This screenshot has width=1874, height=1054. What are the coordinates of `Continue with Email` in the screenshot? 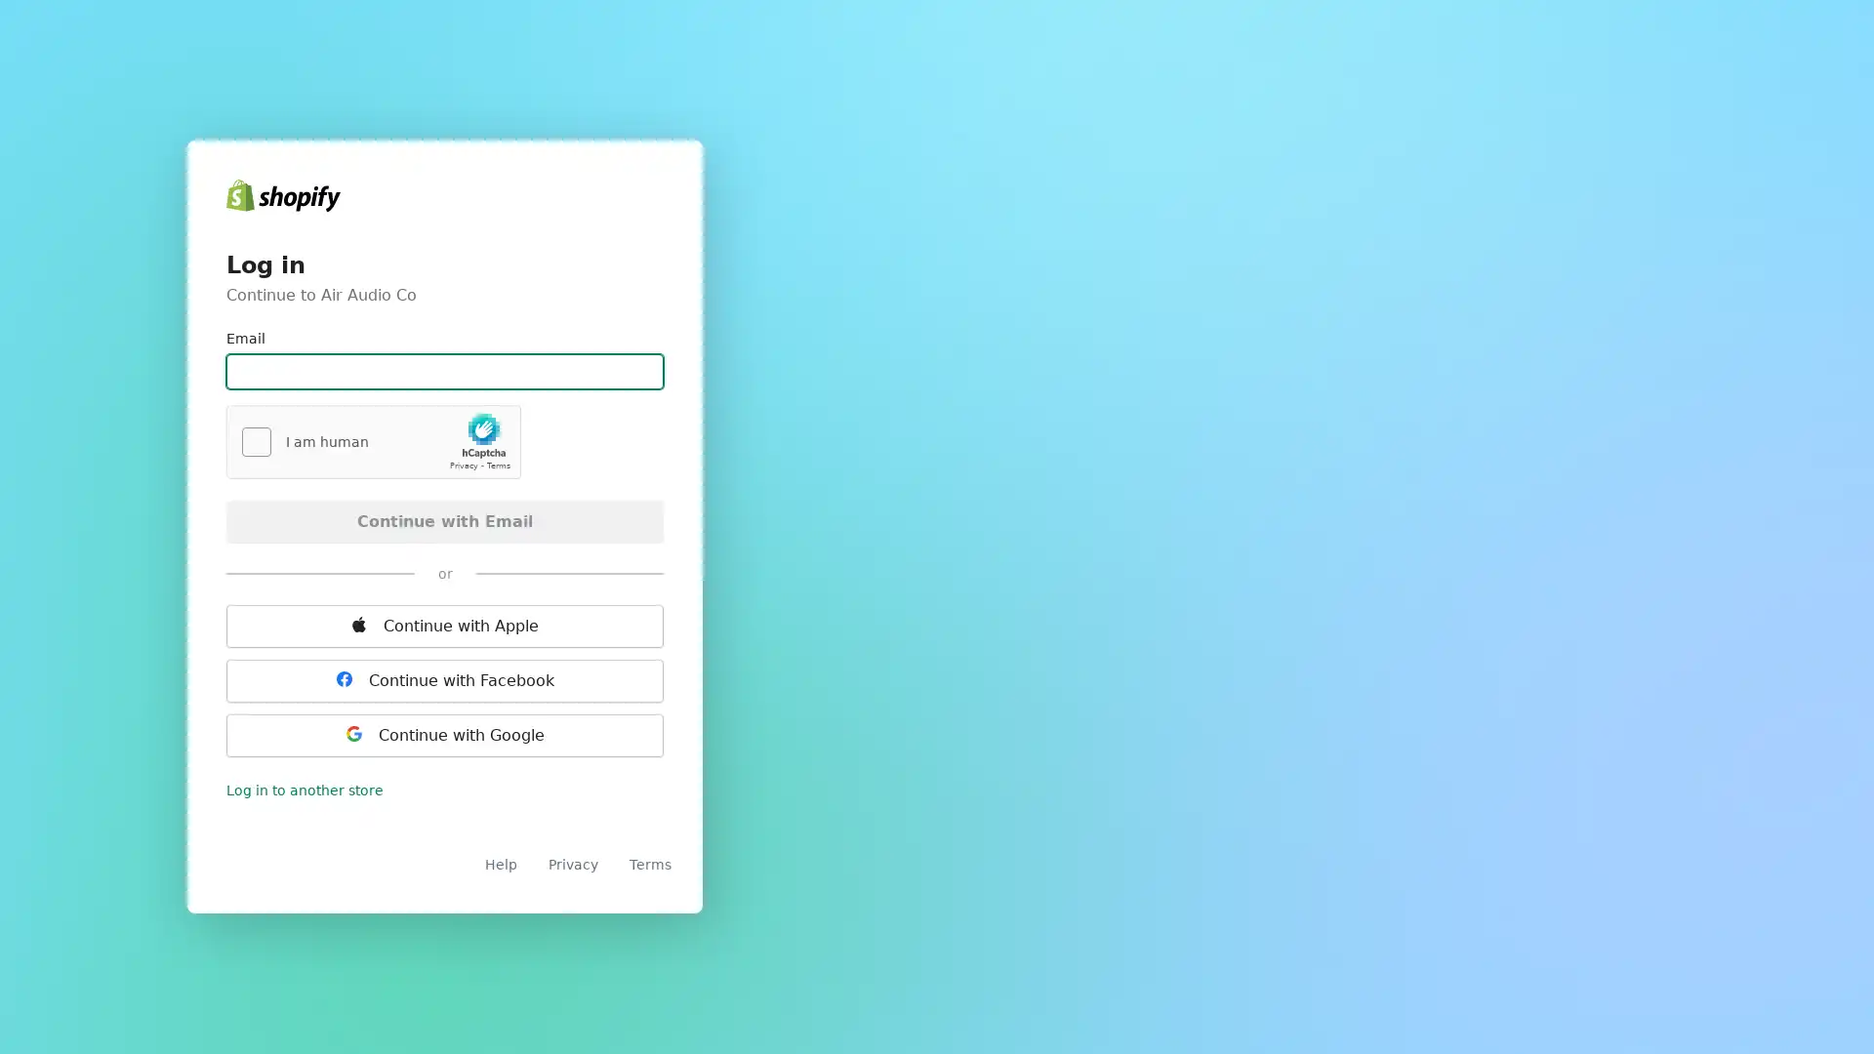 It's located at (444, 519).